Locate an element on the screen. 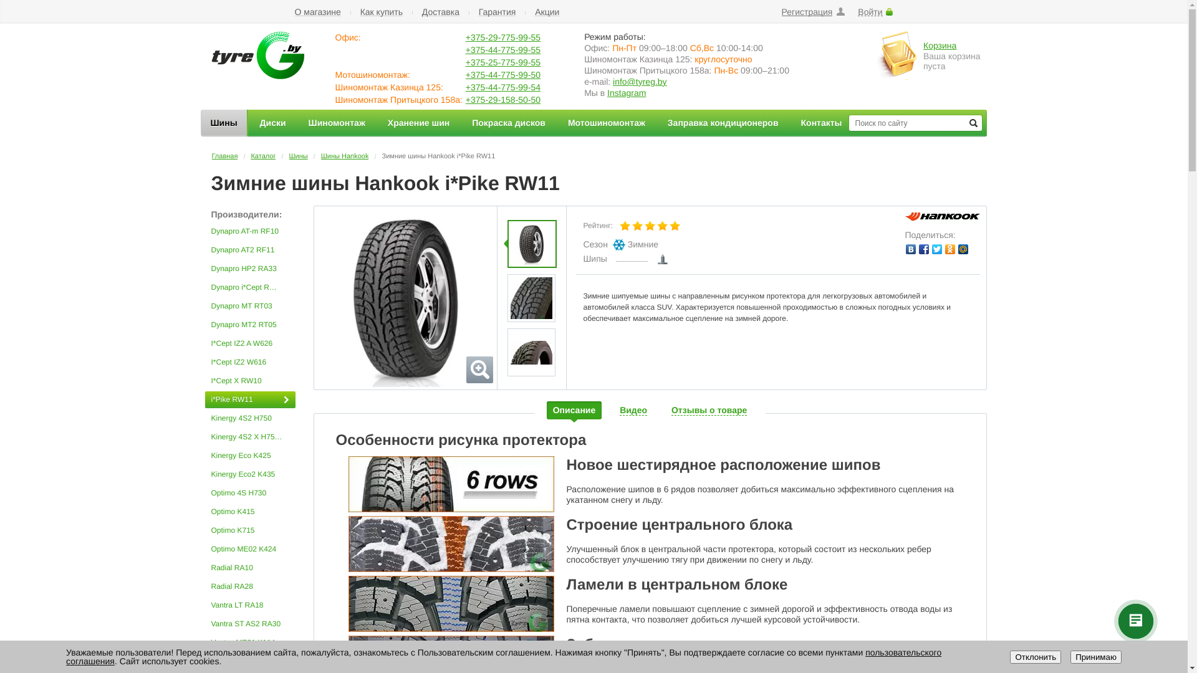 The height and width of the screenshot is (673, 1197). 'Dynapro HP2 RA33' is located at coordinates (249, 268).